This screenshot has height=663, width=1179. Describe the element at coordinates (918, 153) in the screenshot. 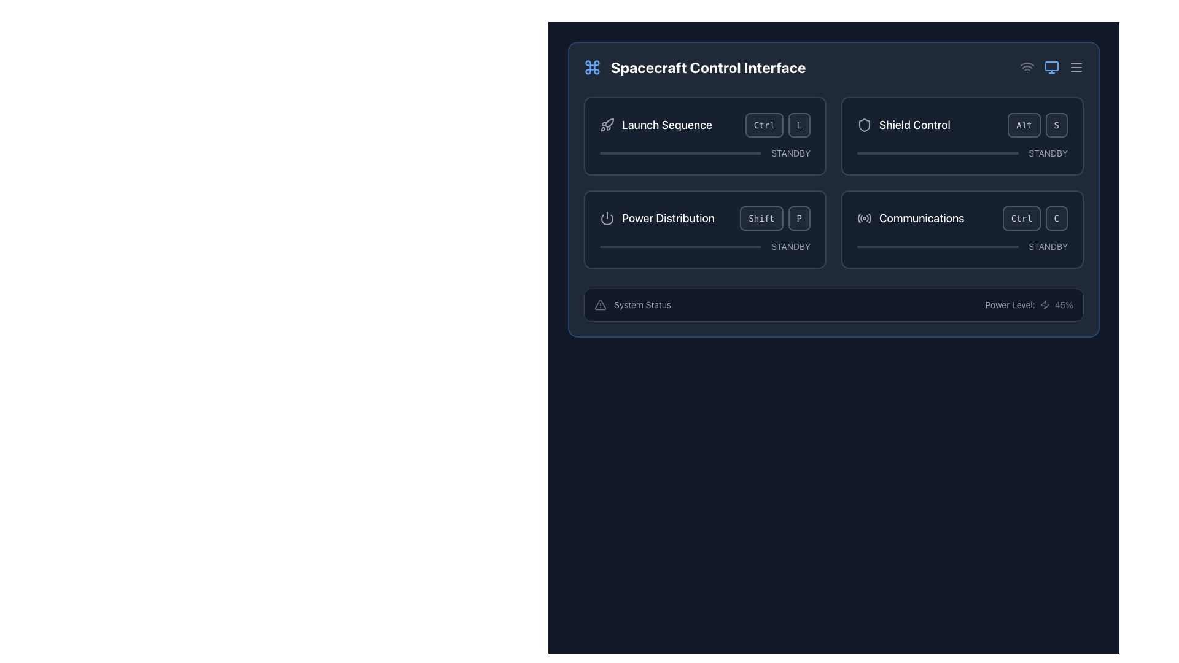

I see `the shield control` at that location.